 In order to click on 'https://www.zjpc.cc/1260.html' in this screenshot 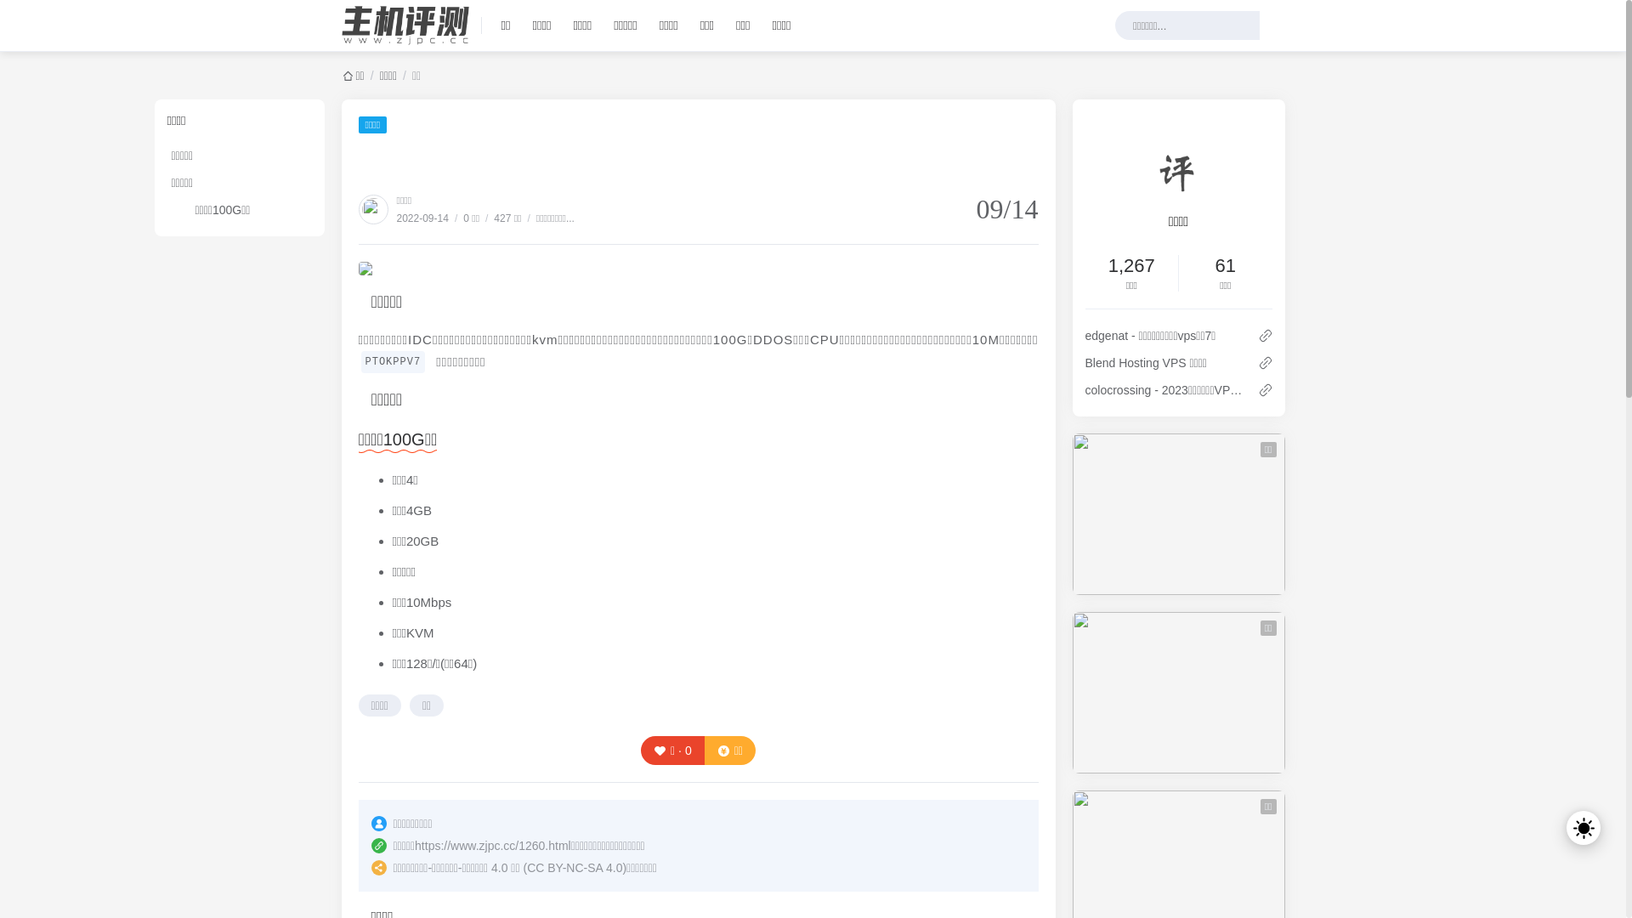, I will do `click(492, 846)`.